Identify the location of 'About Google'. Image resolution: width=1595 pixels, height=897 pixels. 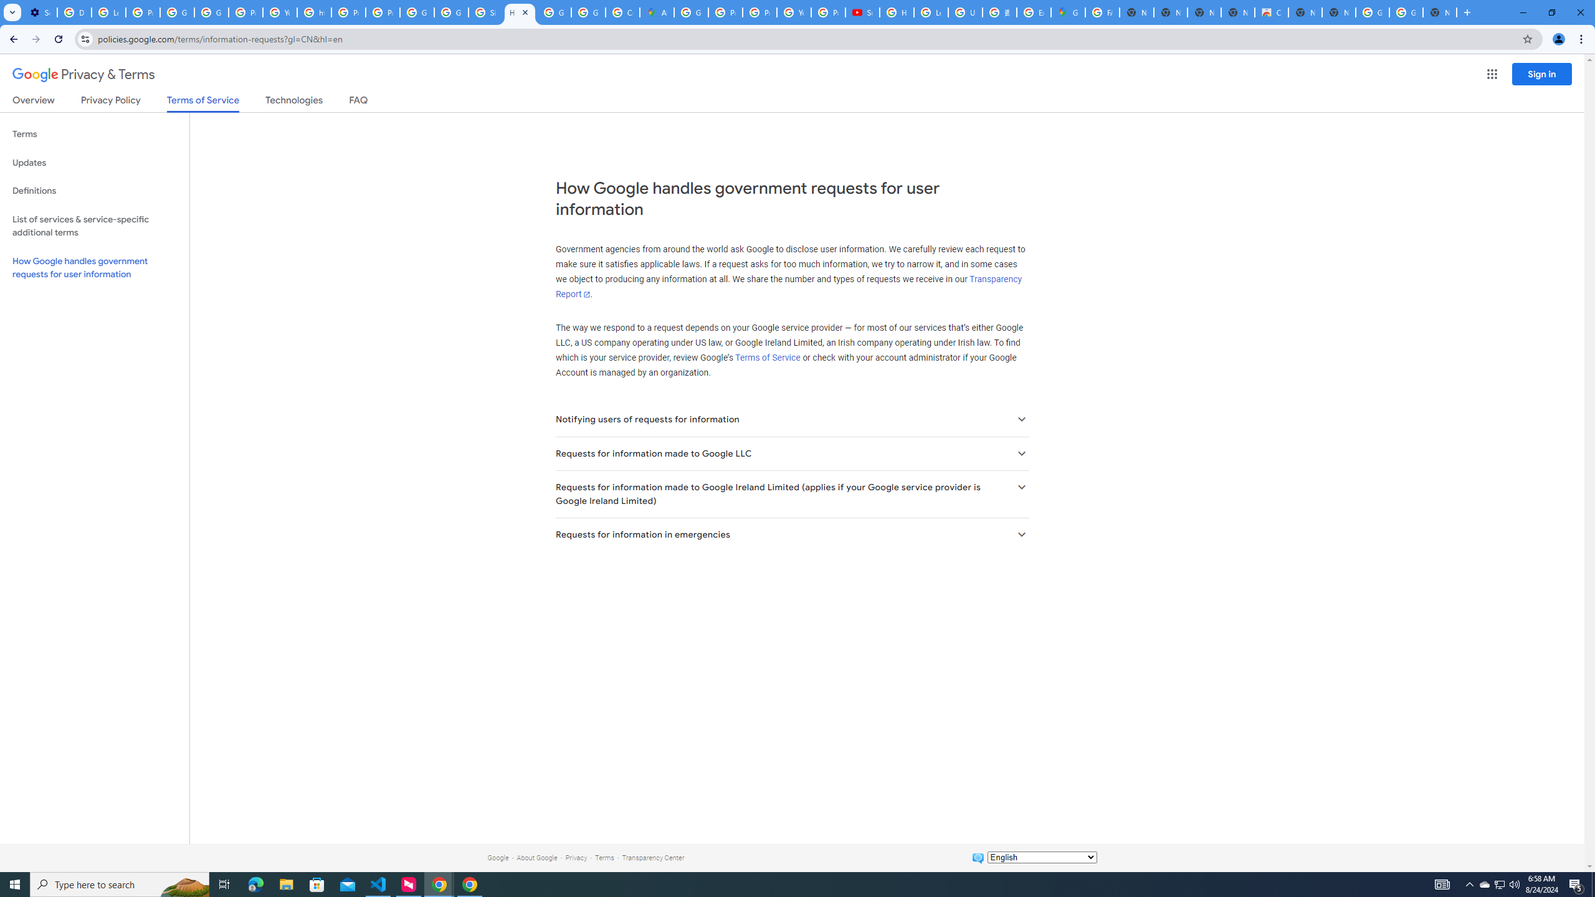
(536, 857).